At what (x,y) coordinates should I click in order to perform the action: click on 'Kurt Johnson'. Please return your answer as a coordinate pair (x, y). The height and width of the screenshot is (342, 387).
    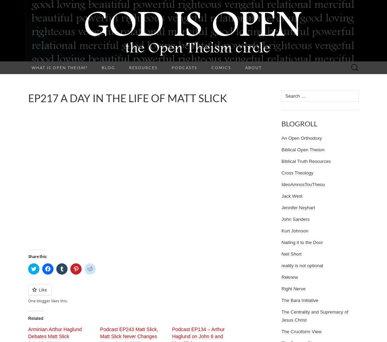
    Looking at the image, I should click on (294, 231).